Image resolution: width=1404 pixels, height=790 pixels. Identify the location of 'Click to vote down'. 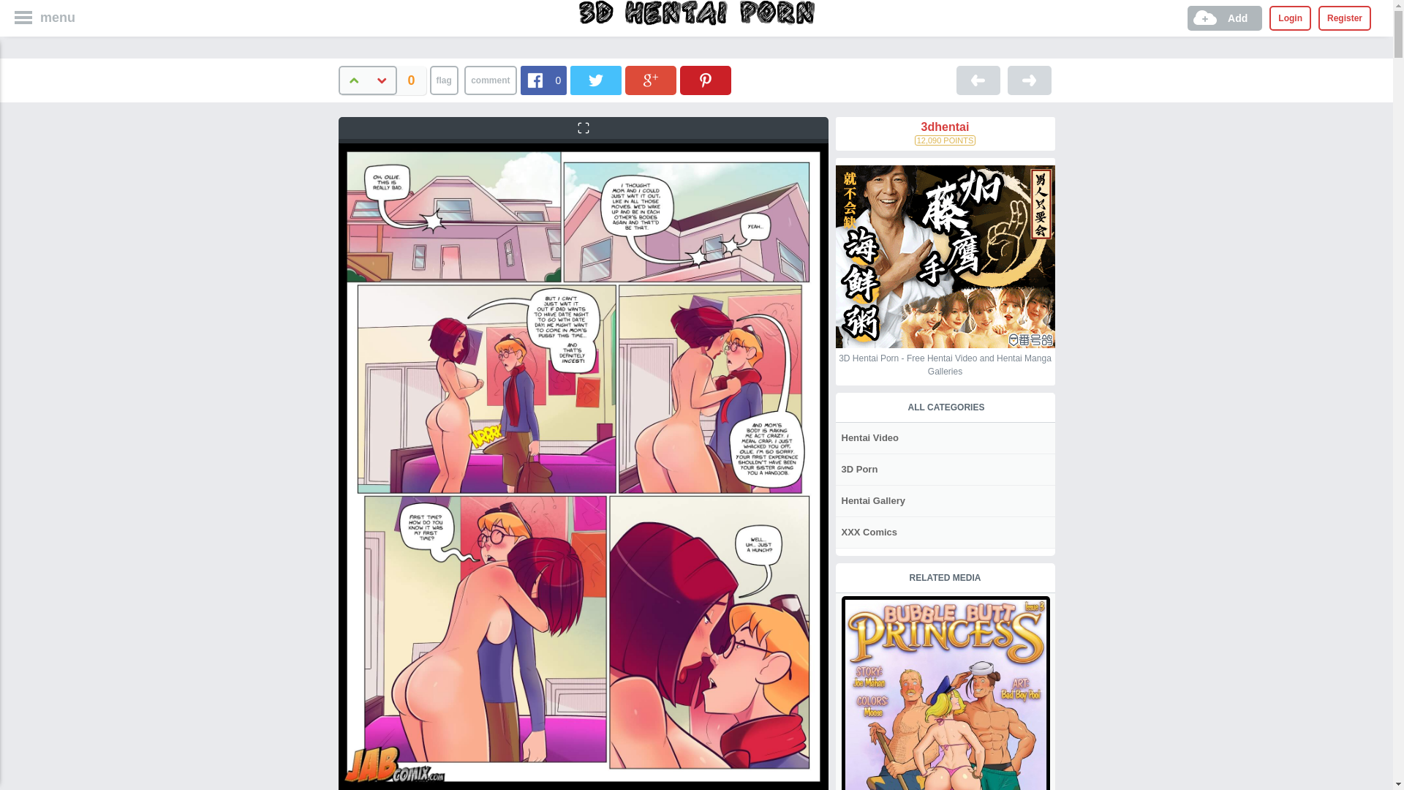
(382, 80).